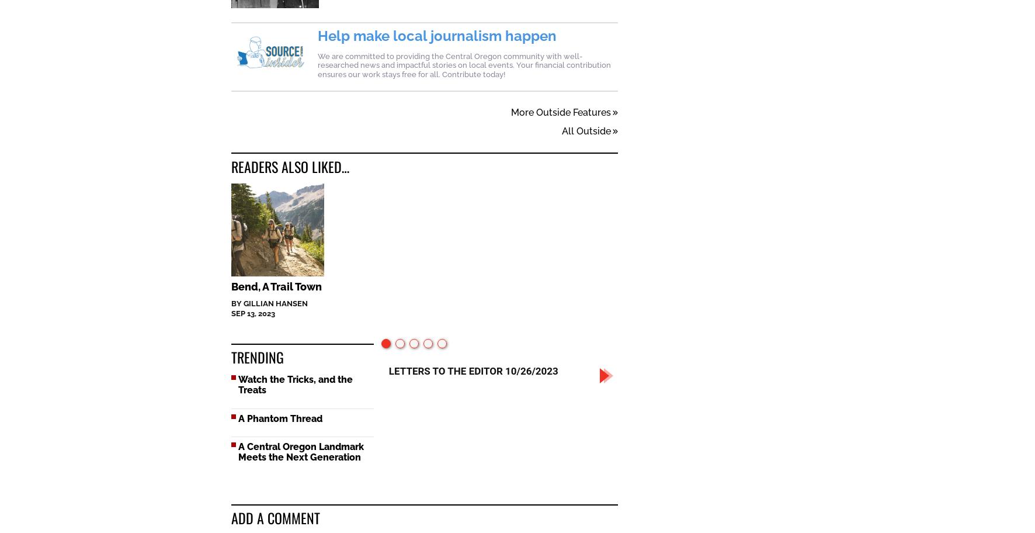 The width and height of the screenshot is (1035, 533). Describe the element at coordinates (388, 372) in the screenshot. I see `'Halloween Is A Drag!'` at that location.